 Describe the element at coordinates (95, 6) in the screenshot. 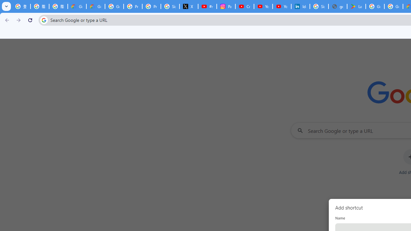

I see `'Google Cloud Privacy Notice'` at that location.